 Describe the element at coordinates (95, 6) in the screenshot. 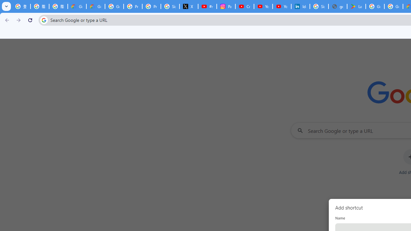

I see `'Google Cloud Privacy Notice'` at that location.